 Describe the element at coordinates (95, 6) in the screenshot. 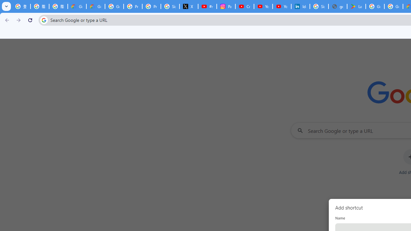

I see `'Google Cloud Privacy Notice'` at that location.